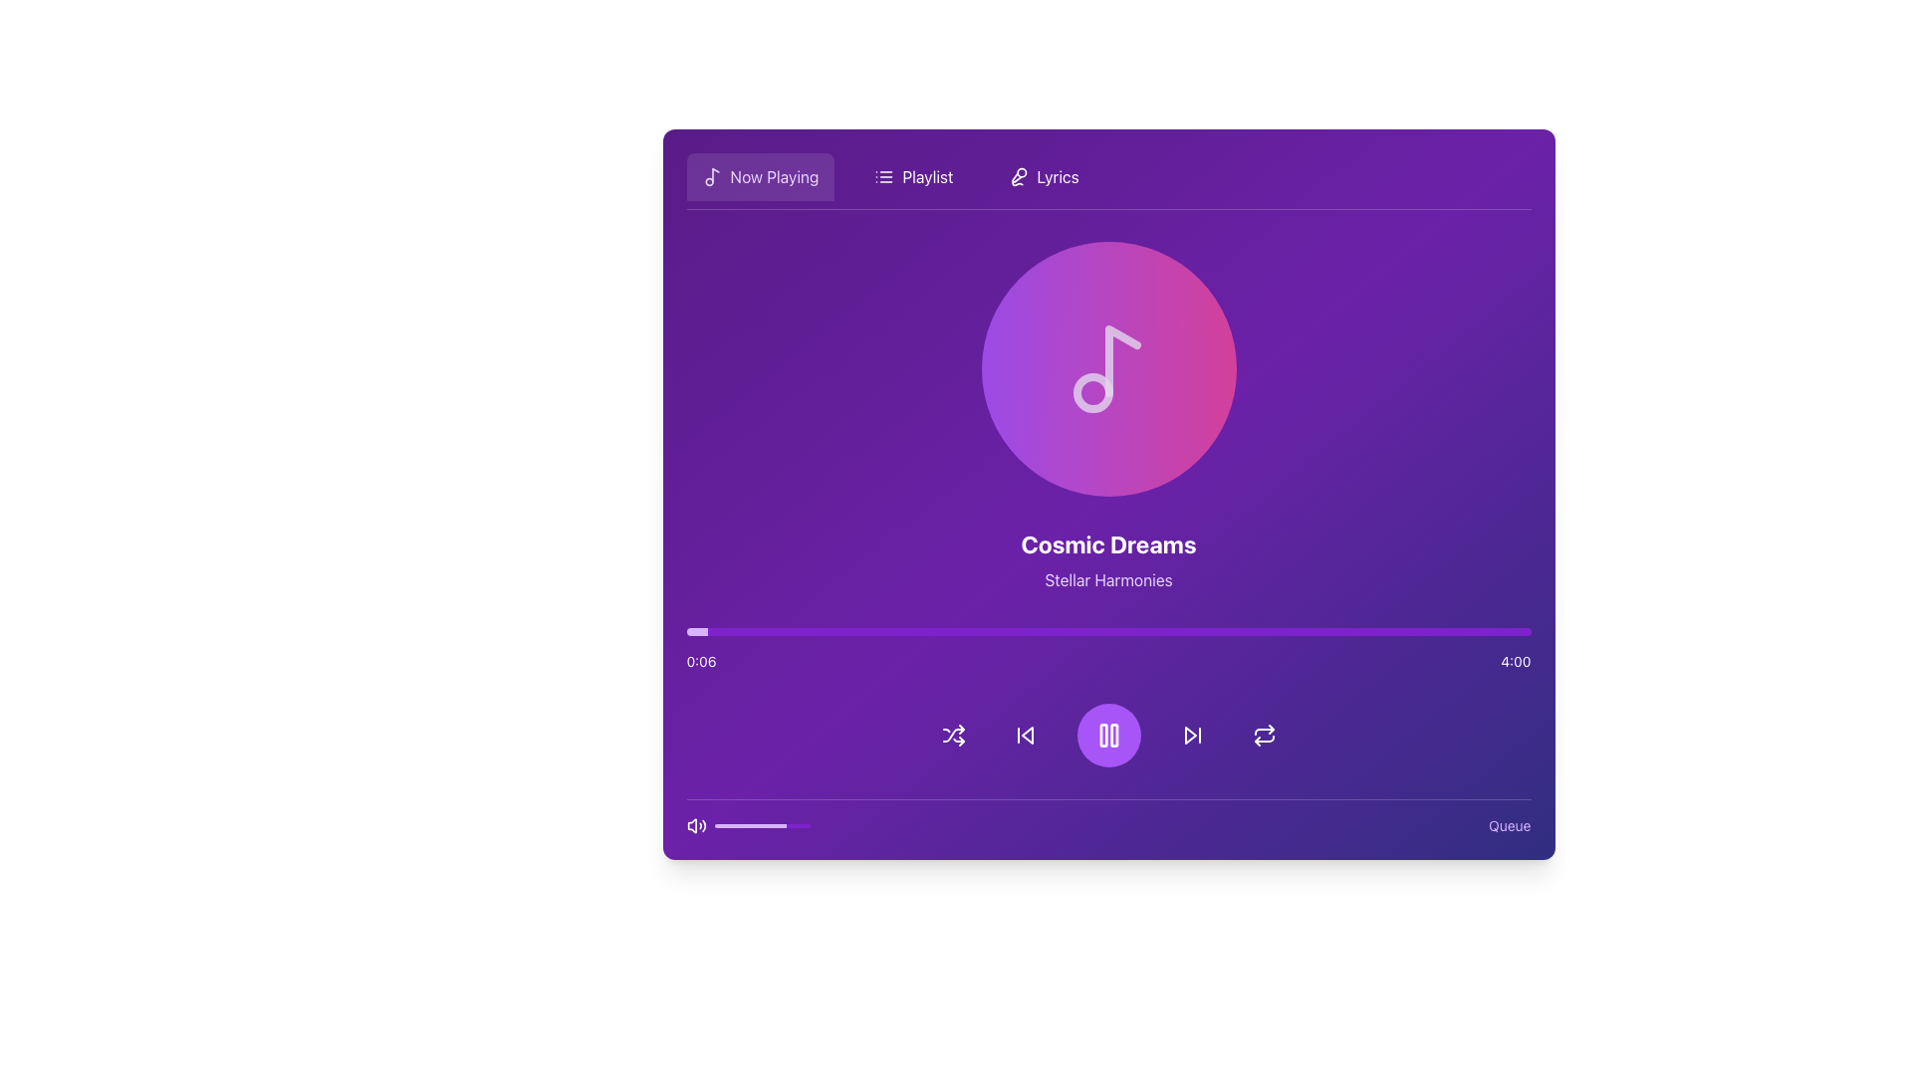  What do you see at coordinates (1396, 632) in the screenshot?
I see `the playback position` at bounding box center [1396, 632].